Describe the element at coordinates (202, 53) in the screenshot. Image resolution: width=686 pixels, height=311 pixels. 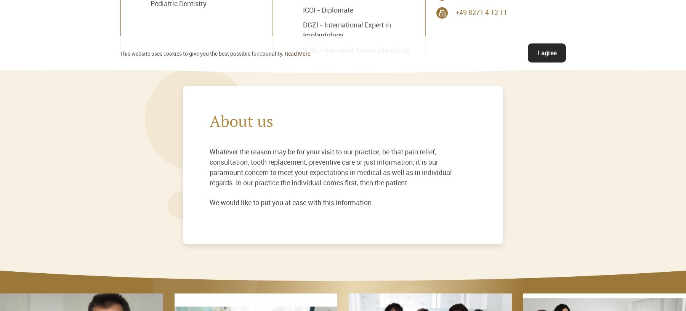
I see `'This website uses cookies to give you the best possible functionality.'` at that location.